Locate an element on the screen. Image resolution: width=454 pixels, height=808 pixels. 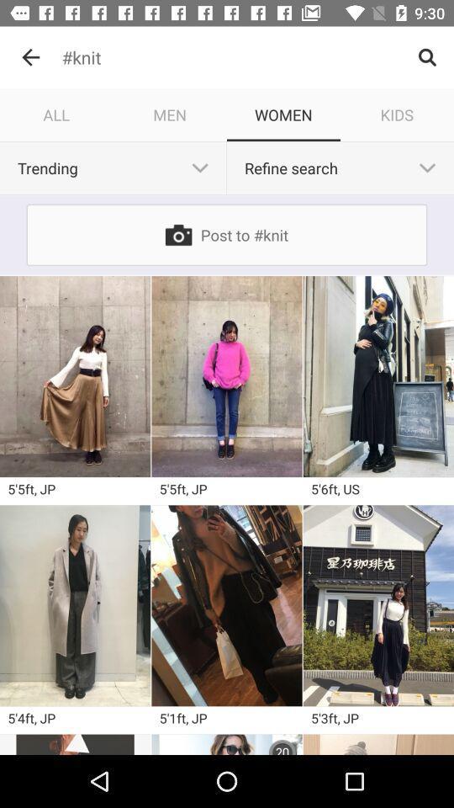
the icon to the right of men icon is located at coordinates (283, 114).